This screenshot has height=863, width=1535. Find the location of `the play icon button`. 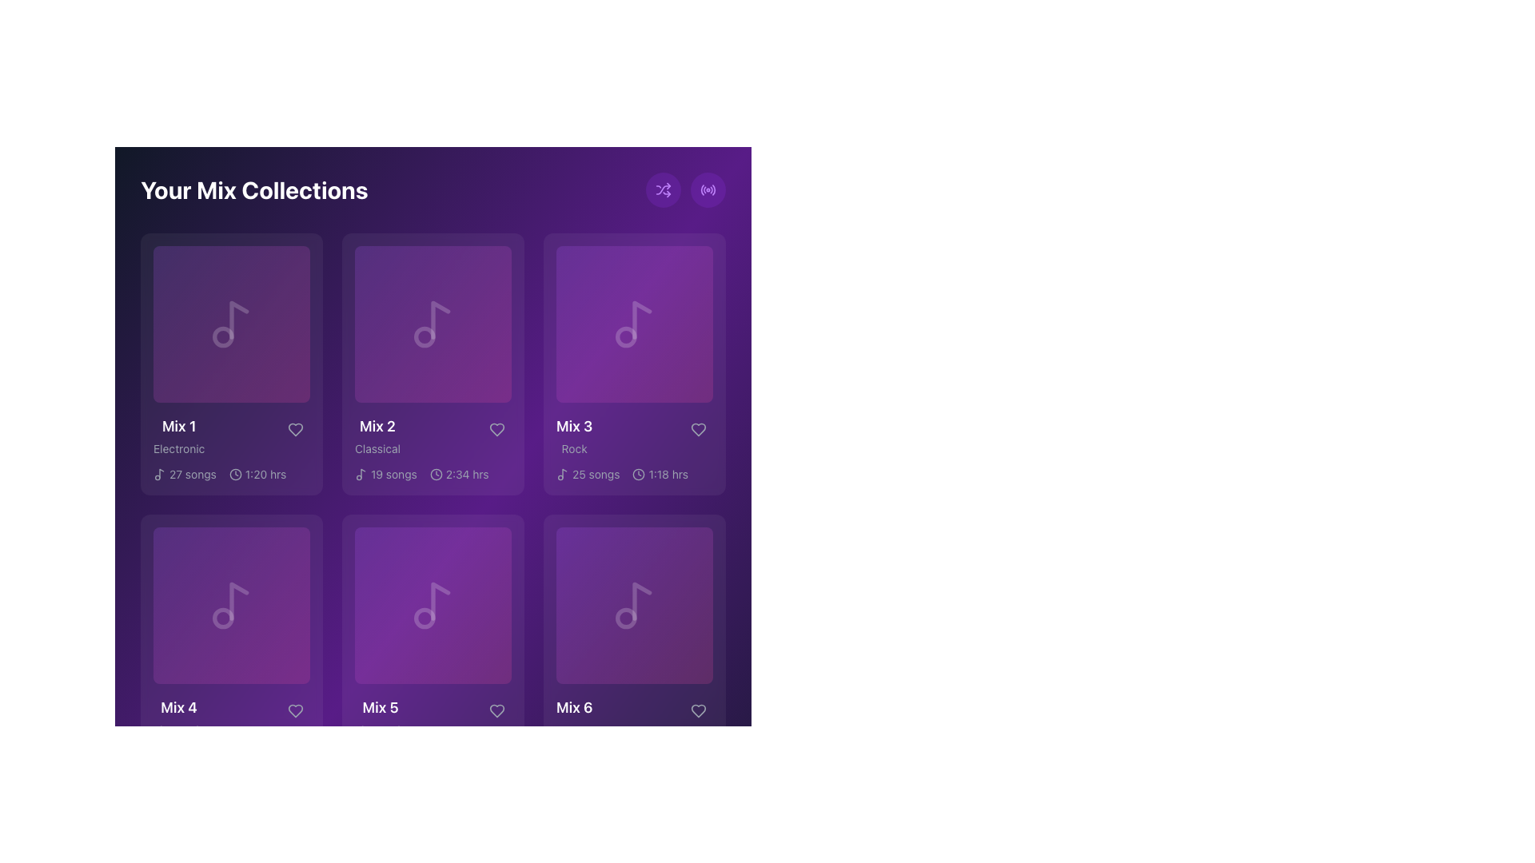

the play icon button is located at coordinates (633, 324).